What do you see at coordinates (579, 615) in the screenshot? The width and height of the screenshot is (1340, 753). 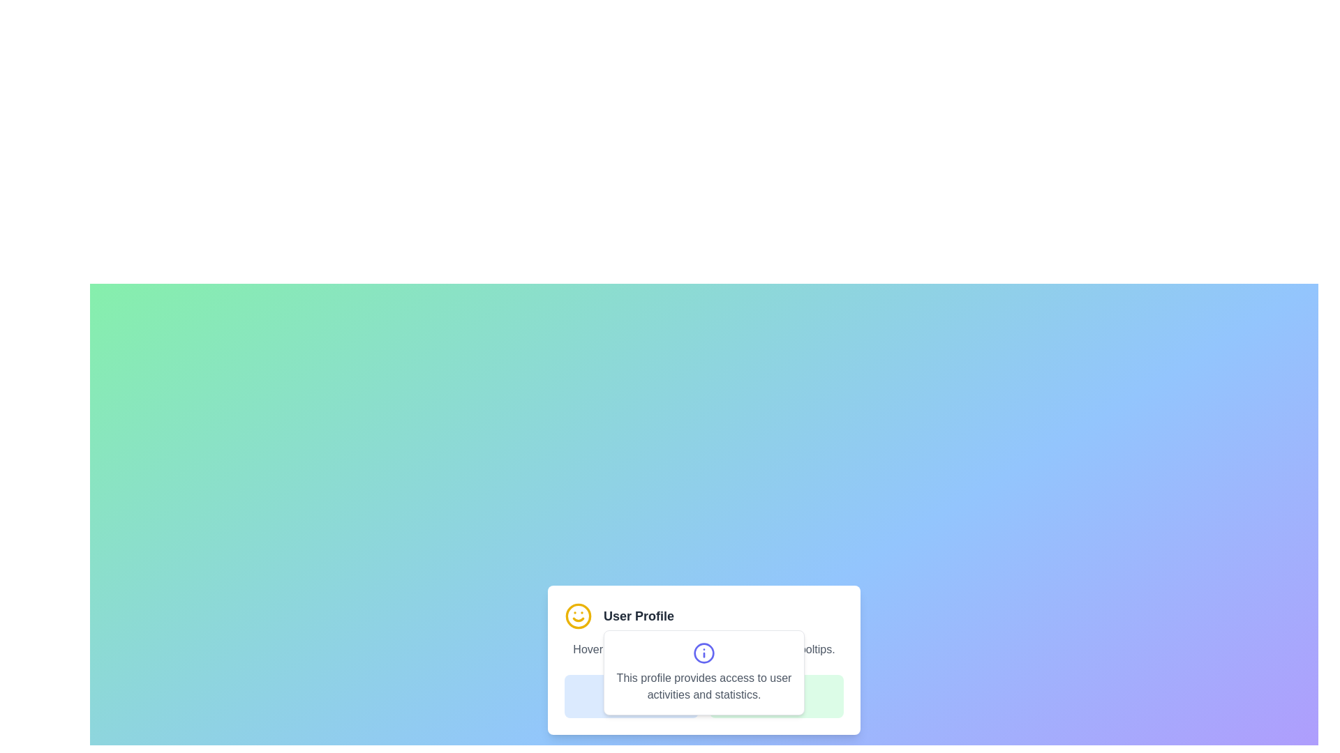 I see `the innermost circle of the smiley face icon located at the top-left corner of the user profile card` at bounding box center [579, 615].